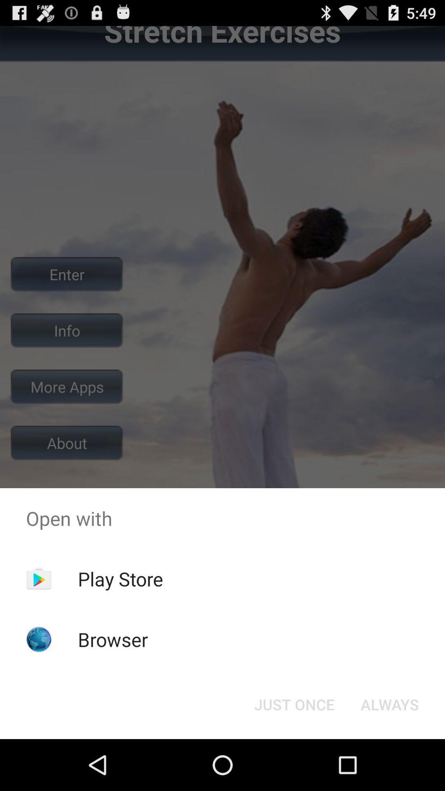 The height and width of the screenshot is (791, 445). What do you see at coordinates (294, 704) in the screenshot?
I see `button at the bottom` at bounding box center [294, 704].